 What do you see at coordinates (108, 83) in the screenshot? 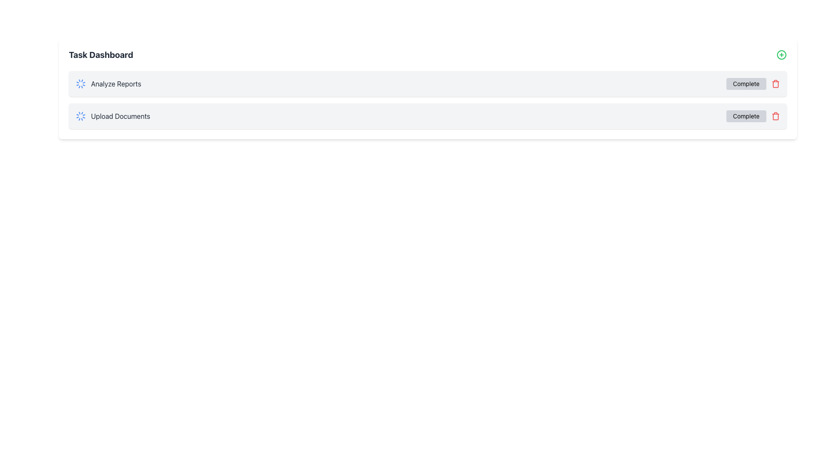
I see `the group containing the spinning loader icon and the text 'Analyze Reports'` at bounding box center [108, 83].